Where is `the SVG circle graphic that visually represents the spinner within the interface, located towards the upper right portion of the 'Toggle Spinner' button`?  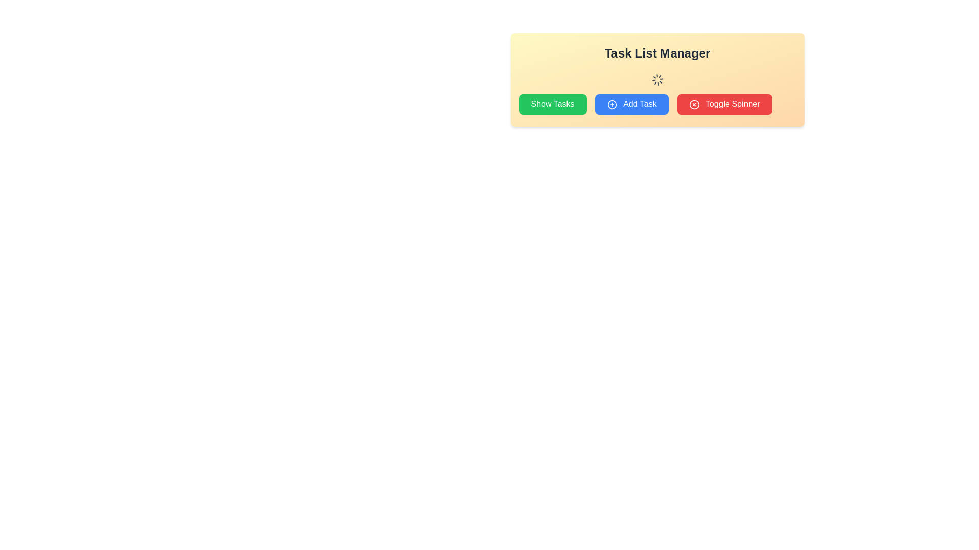 the SVG circle graphic that visually represents the spinner within the interface, located towards the upper right portion of the 'Toggle Spinner' button is located at coordinates (693, 104).